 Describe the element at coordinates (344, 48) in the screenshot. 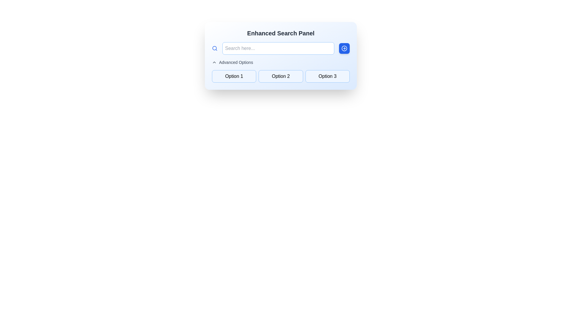

I see `the rounded blue button with a white circular arrow icon located at the rightmost end of the row containing a search input field` at that location.